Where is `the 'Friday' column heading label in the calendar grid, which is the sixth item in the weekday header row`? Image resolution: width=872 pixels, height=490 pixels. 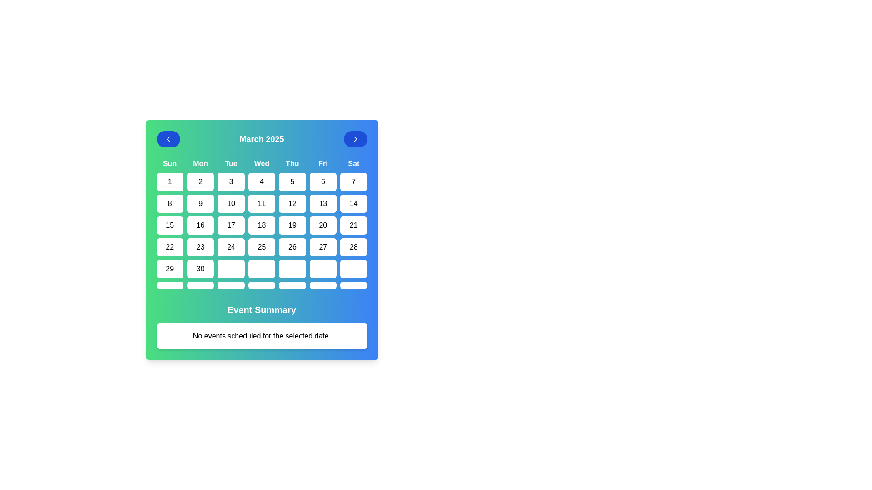
the 'Friday' column heading label in the calendar grid, which is the sixth item in the weekday header row is located at coordinates (323, 164).